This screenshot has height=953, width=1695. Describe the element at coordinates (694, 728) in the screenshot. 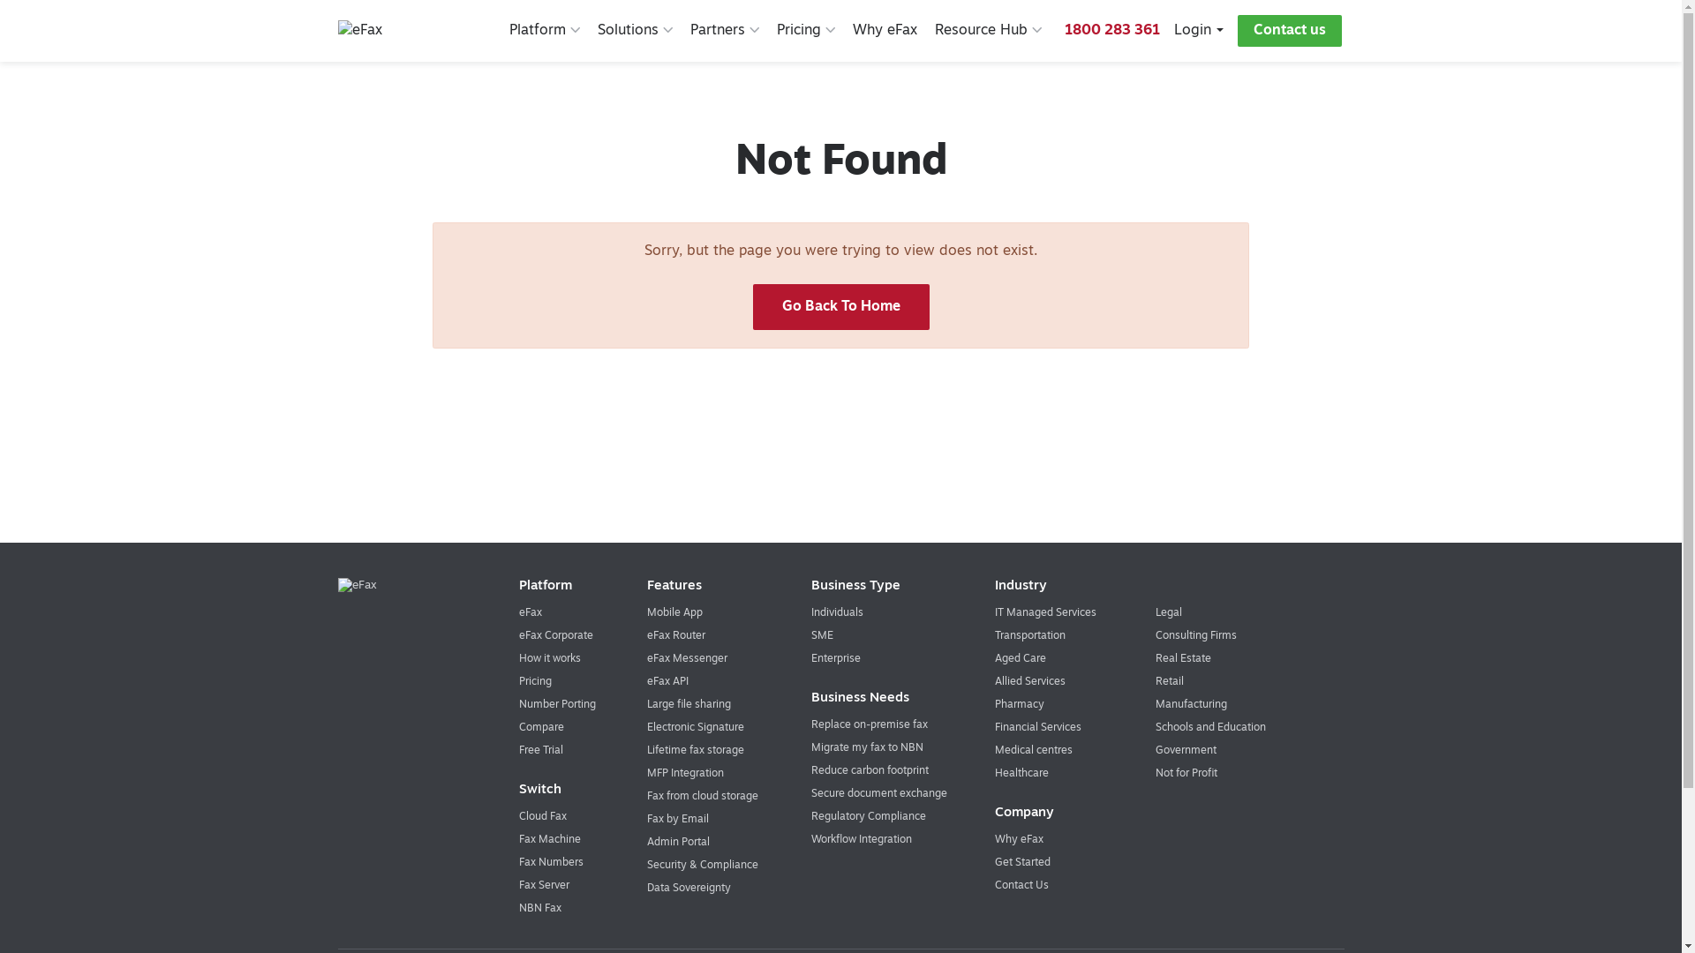

I see `'Electronic Signature'` at that location.